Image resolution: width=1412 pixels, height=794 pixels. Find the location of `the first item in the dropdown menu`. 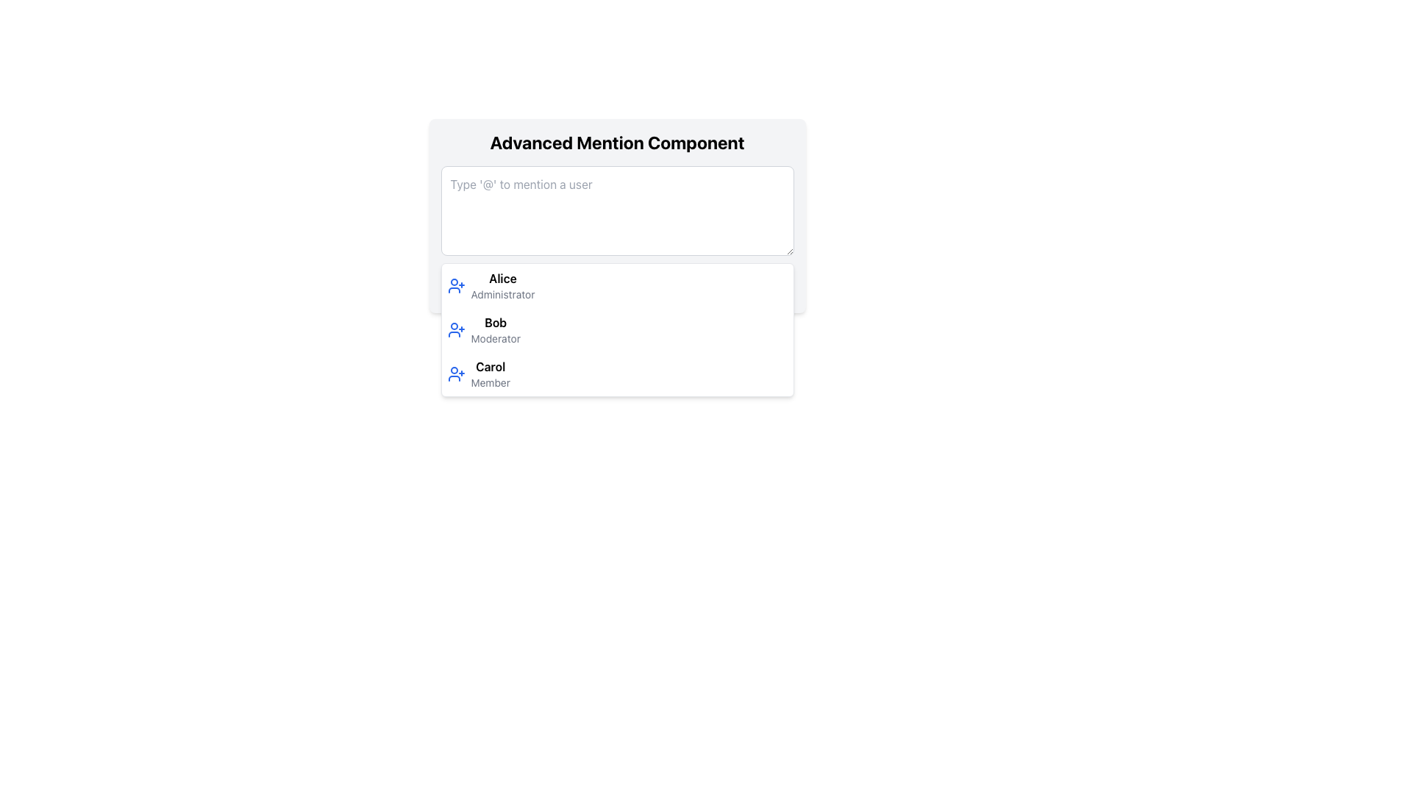

the first item in the dropdown menu is located at coordinates (617, 286).